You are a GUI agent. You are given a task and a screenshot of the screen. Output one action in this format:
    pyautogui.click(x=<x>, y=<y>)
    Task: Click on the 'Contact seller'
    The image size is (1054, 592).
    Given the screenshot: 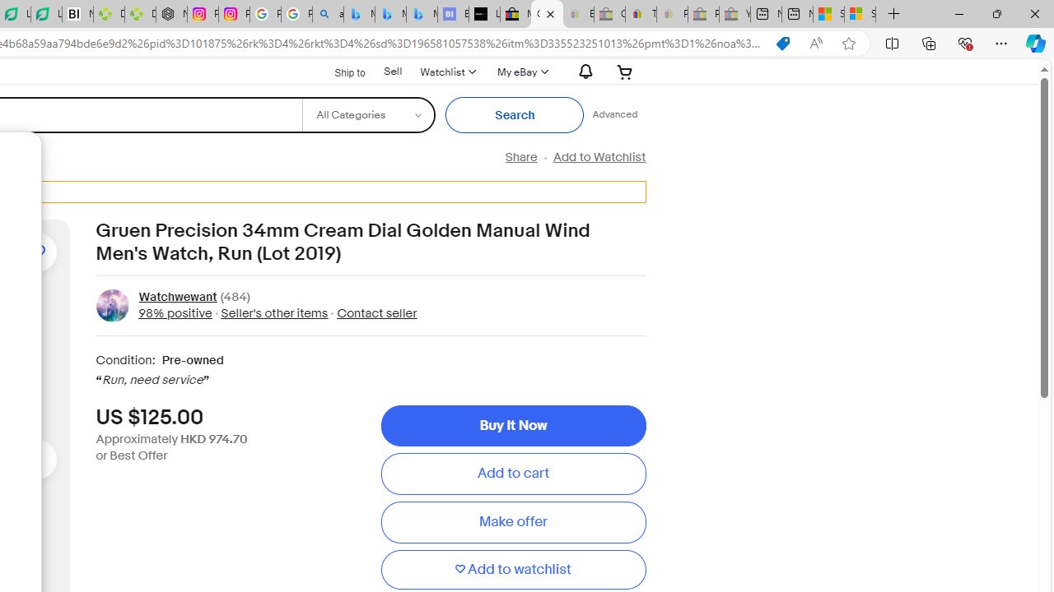 What is the action you would take?
    pyautogui.click(x=376, y=312)
    